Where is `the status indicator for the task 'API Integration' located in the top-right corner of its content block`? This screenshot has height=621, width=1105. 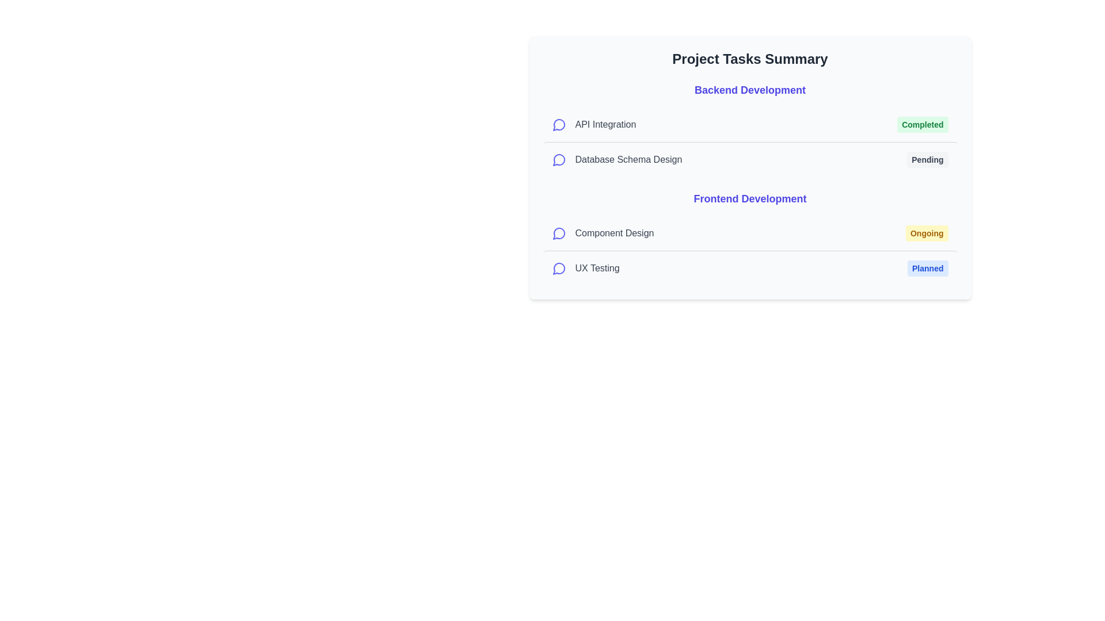
the status indicator for the task 'API Integration' located in the top-right corner of its content block is located at coordinates (923, 124).